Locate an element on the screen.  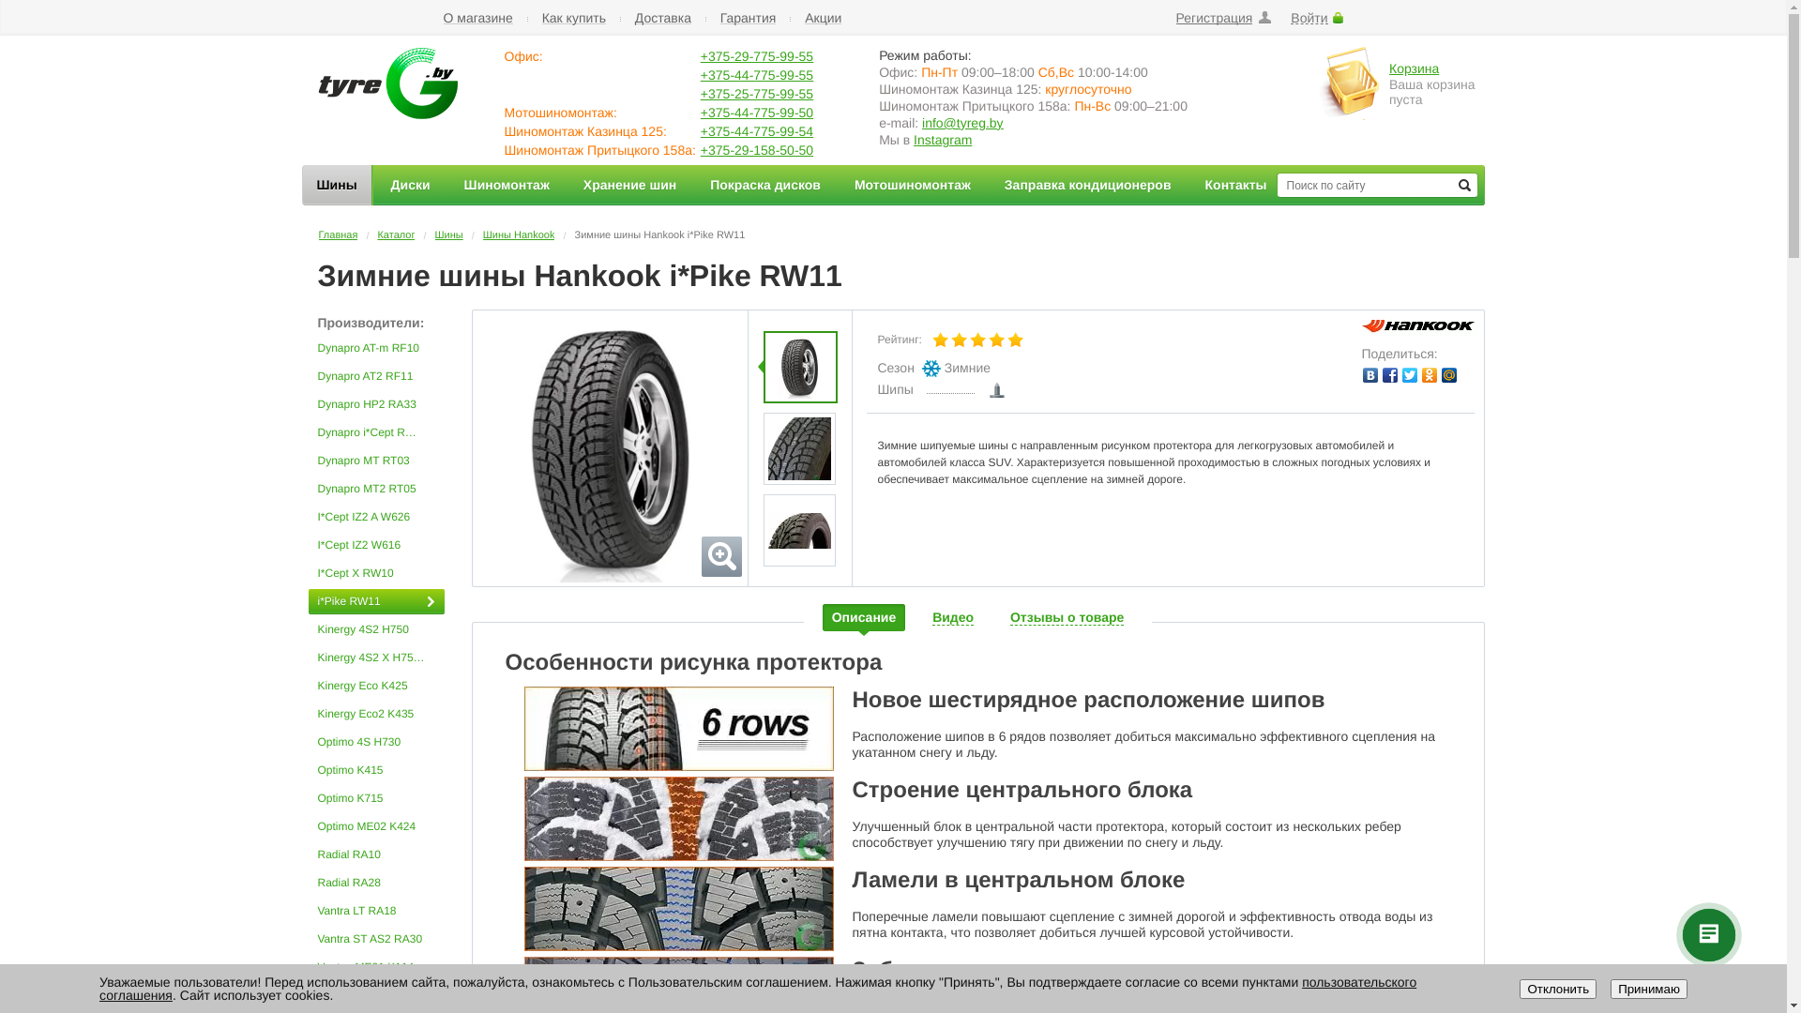
'Radial RA28' is located at coordinates (375, 883).